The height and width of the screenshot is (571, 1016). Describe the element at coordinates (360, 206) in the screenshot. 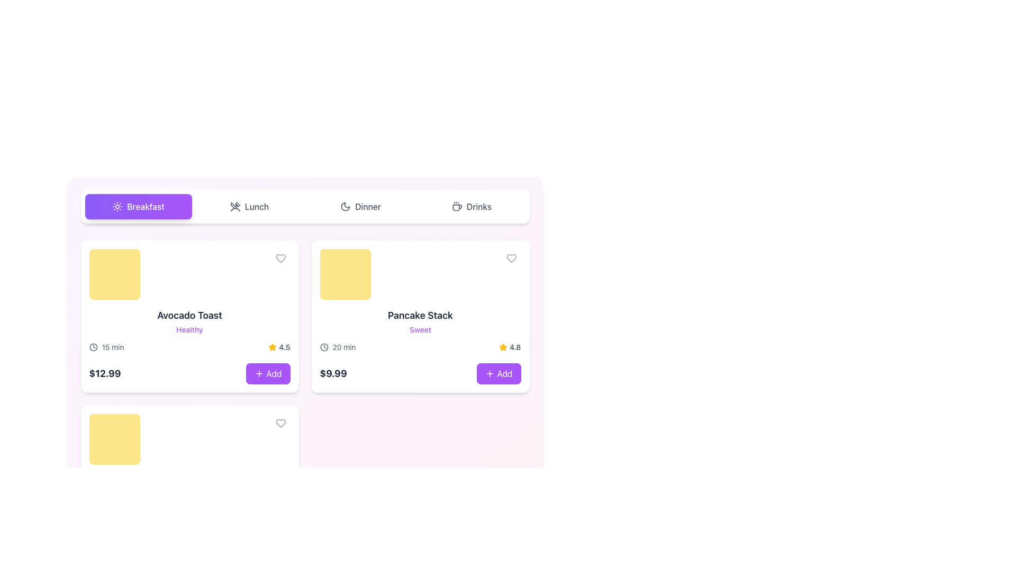

I see `the third button in the horizontal group of buttons, which allows users` at that location.